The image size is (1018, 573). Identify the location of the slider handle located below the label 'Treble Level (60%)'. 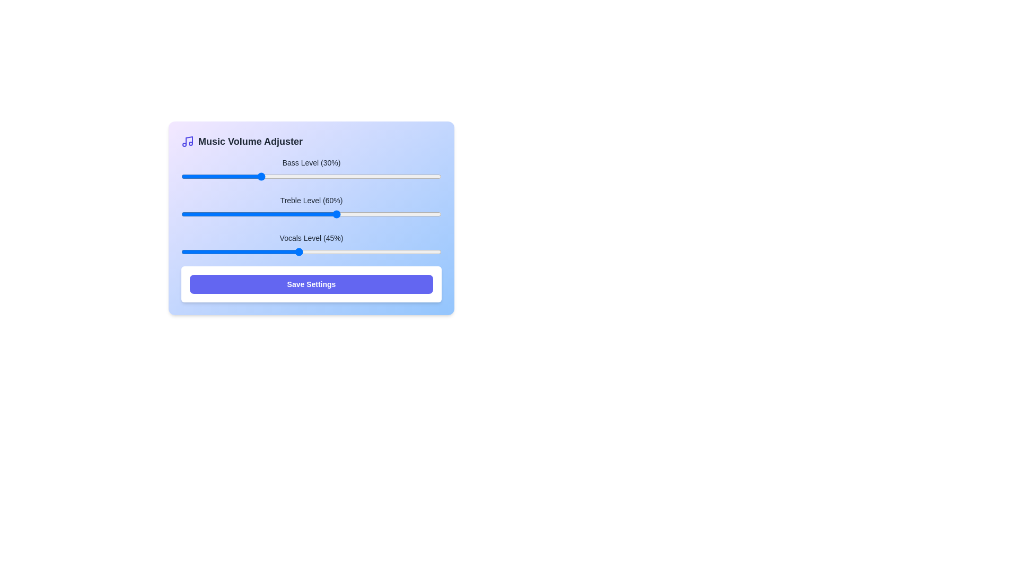
(311, 214).